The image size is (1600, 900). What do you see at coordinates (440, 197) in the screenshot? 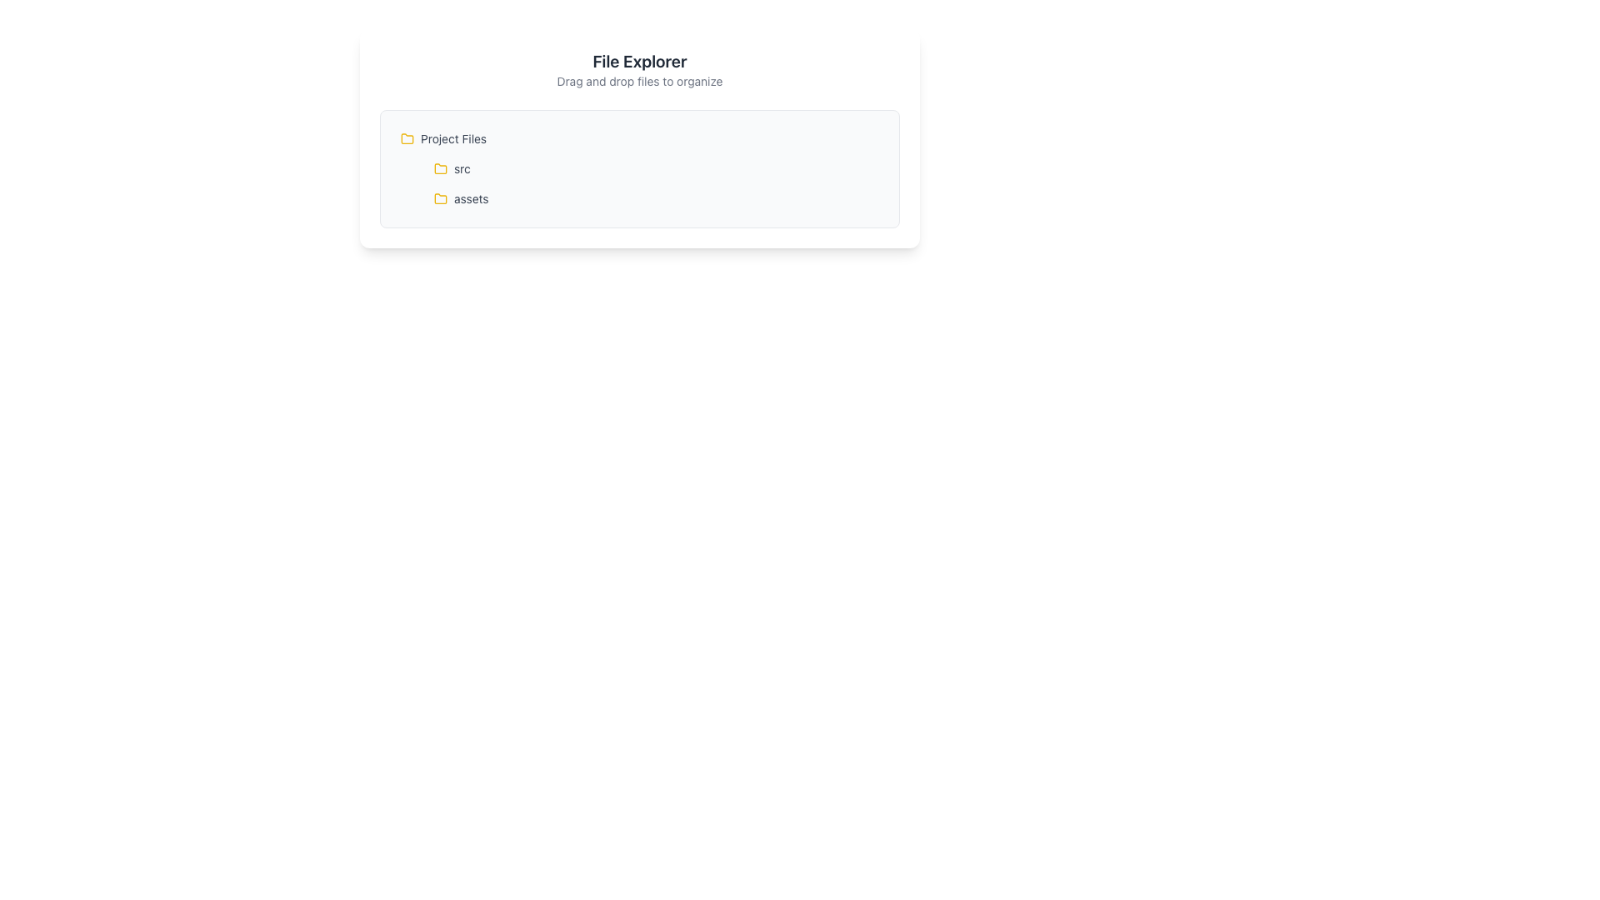
I see `the yellow folder icon within the 'assets' entry in the 'File Explorer'` at bounding box center [440, 197].